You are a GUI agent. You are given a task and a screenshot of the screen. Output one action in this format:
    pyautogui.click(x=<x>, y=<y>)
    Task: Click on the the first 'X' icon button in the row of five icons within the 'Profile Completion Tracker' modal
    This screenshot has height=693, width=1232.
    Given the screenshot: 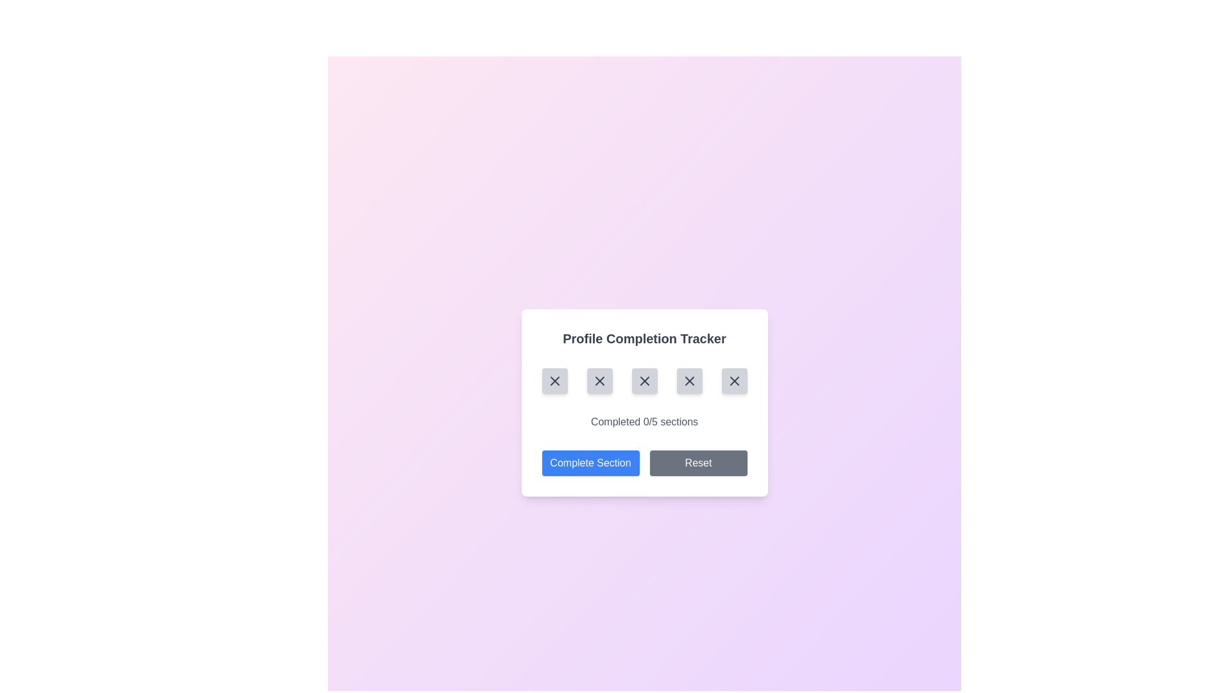 What is the action you would take?
    pyautogui.click(x=554, y=381)
    